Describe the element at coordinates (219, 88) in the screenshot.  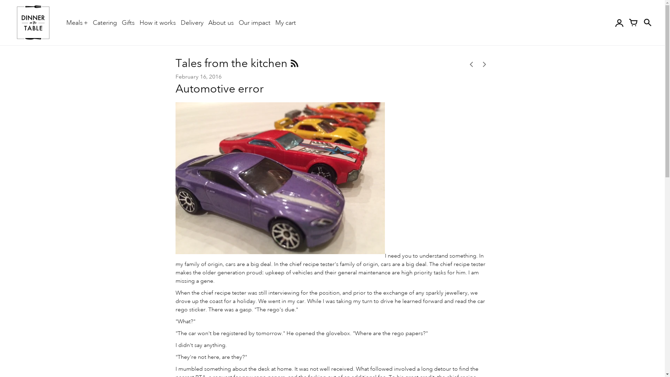
I see `'Automotive error'` at that location.